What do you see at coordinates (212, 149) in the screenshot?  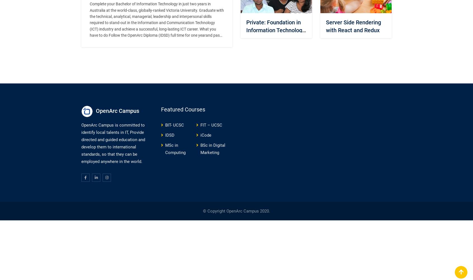 I see `'BSc in Digital Marketing'` at bounding box center [212, 149].